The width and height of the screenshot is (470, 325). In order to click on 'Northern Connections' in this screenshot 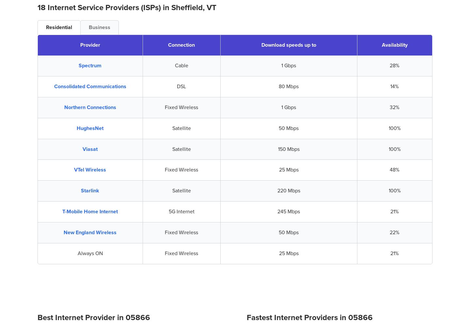, I will do `click(89, 107)`.